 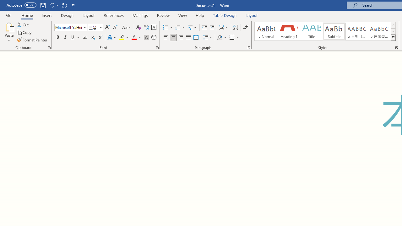 I want to click on 'References', so click(x=114, y=15).